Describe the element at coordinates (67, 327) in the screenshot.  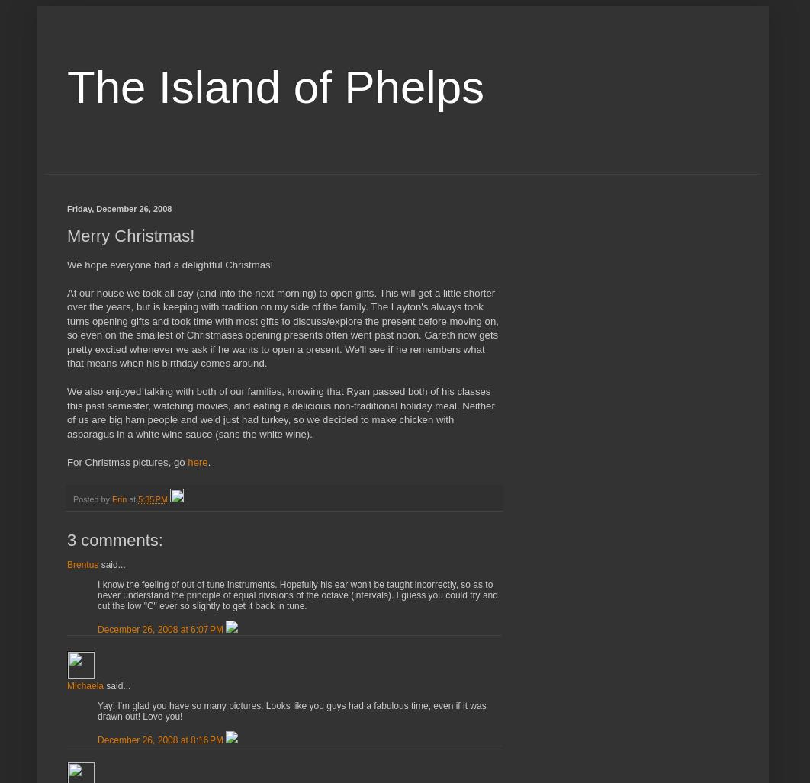
I see `'At our house we took all day (and into the next morning) to open gifts. This will get a little shorter over the years, but is keeping with tradition on my side of the family. The Layton's always took turns opening gifts and took time with most gifts to discuss/explore the present before moving on, so even on the smallest of Christmases opening presents often went past noon. Gareth now gets pretty excited whenever we ask if he wants to open a present. We'll see if he remembers what that means when his birthday comes around.'` at that location.